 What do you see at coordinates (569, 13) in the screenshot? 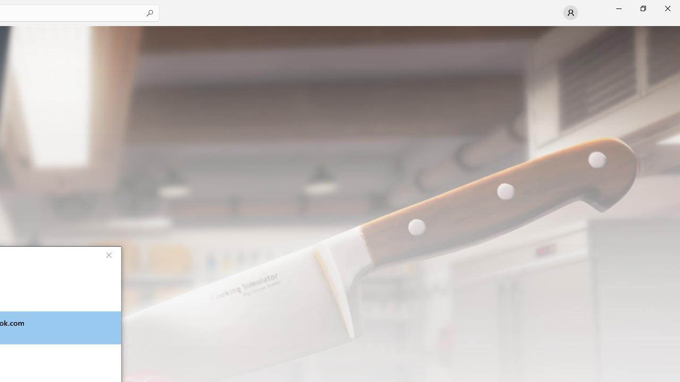
I see `'User profile'` at bounding box center [569, 13].